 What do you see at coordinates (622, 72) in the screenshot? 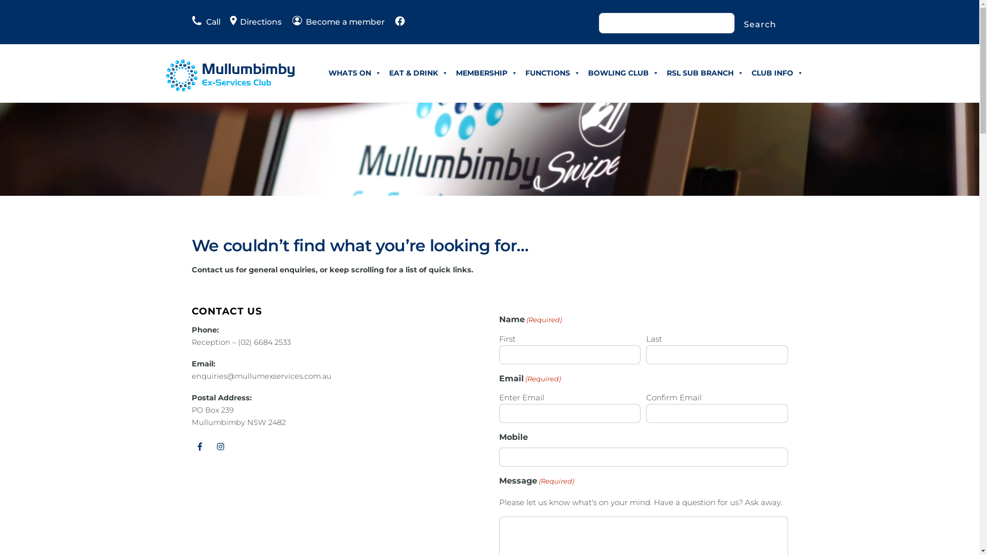
I see `'BOWLING CLUB'` at bounding box center [622, 72].